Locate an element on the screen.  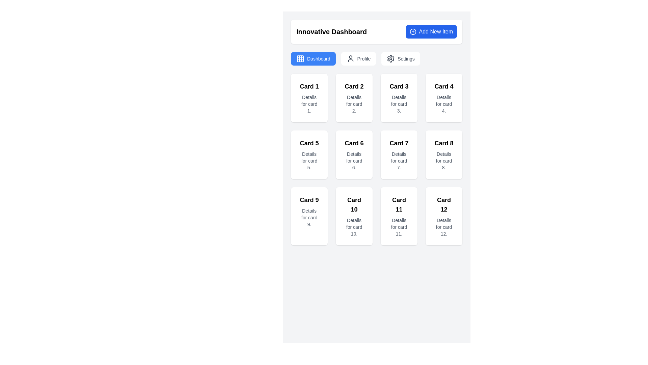
the text element displaying 'Details for card 2.' located below the heading 'Card 2' in the second card of a 4-column grid layout is located at coordinates (354, 104).